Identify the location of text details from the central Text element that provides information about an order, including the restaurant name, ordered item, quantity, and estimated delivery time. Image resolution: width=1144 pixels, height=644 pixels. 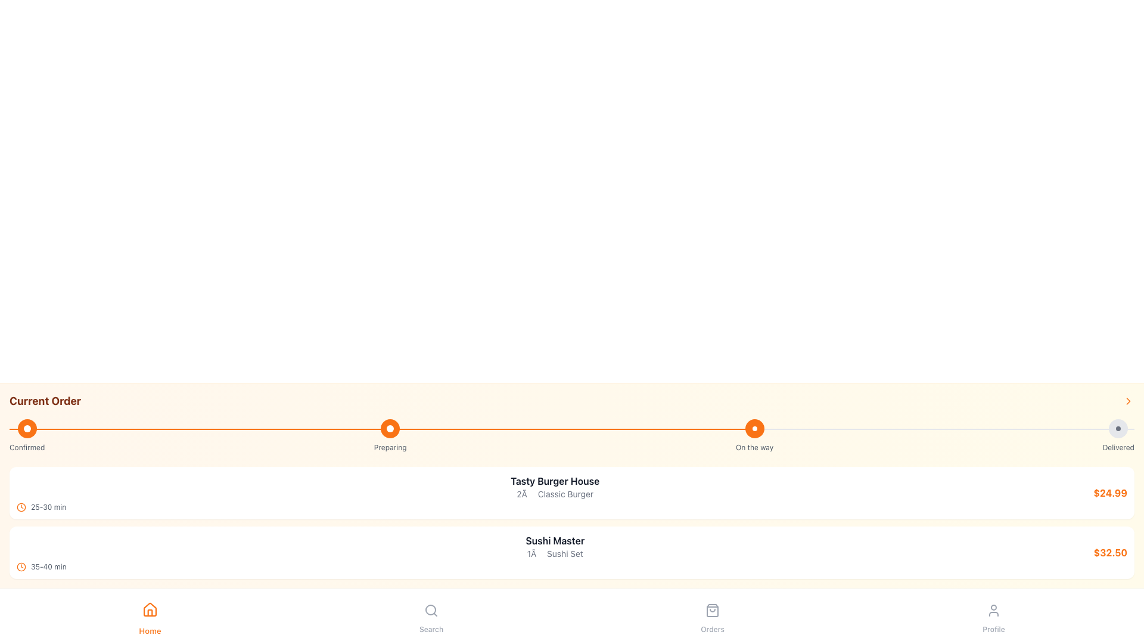
(554, 493).